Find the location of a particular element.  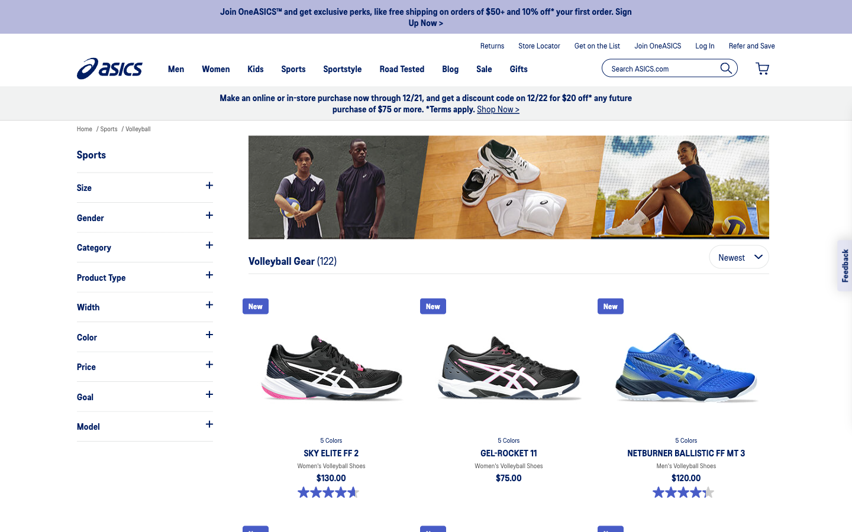

size filter for shoe models is located at coordinates (144, 186).